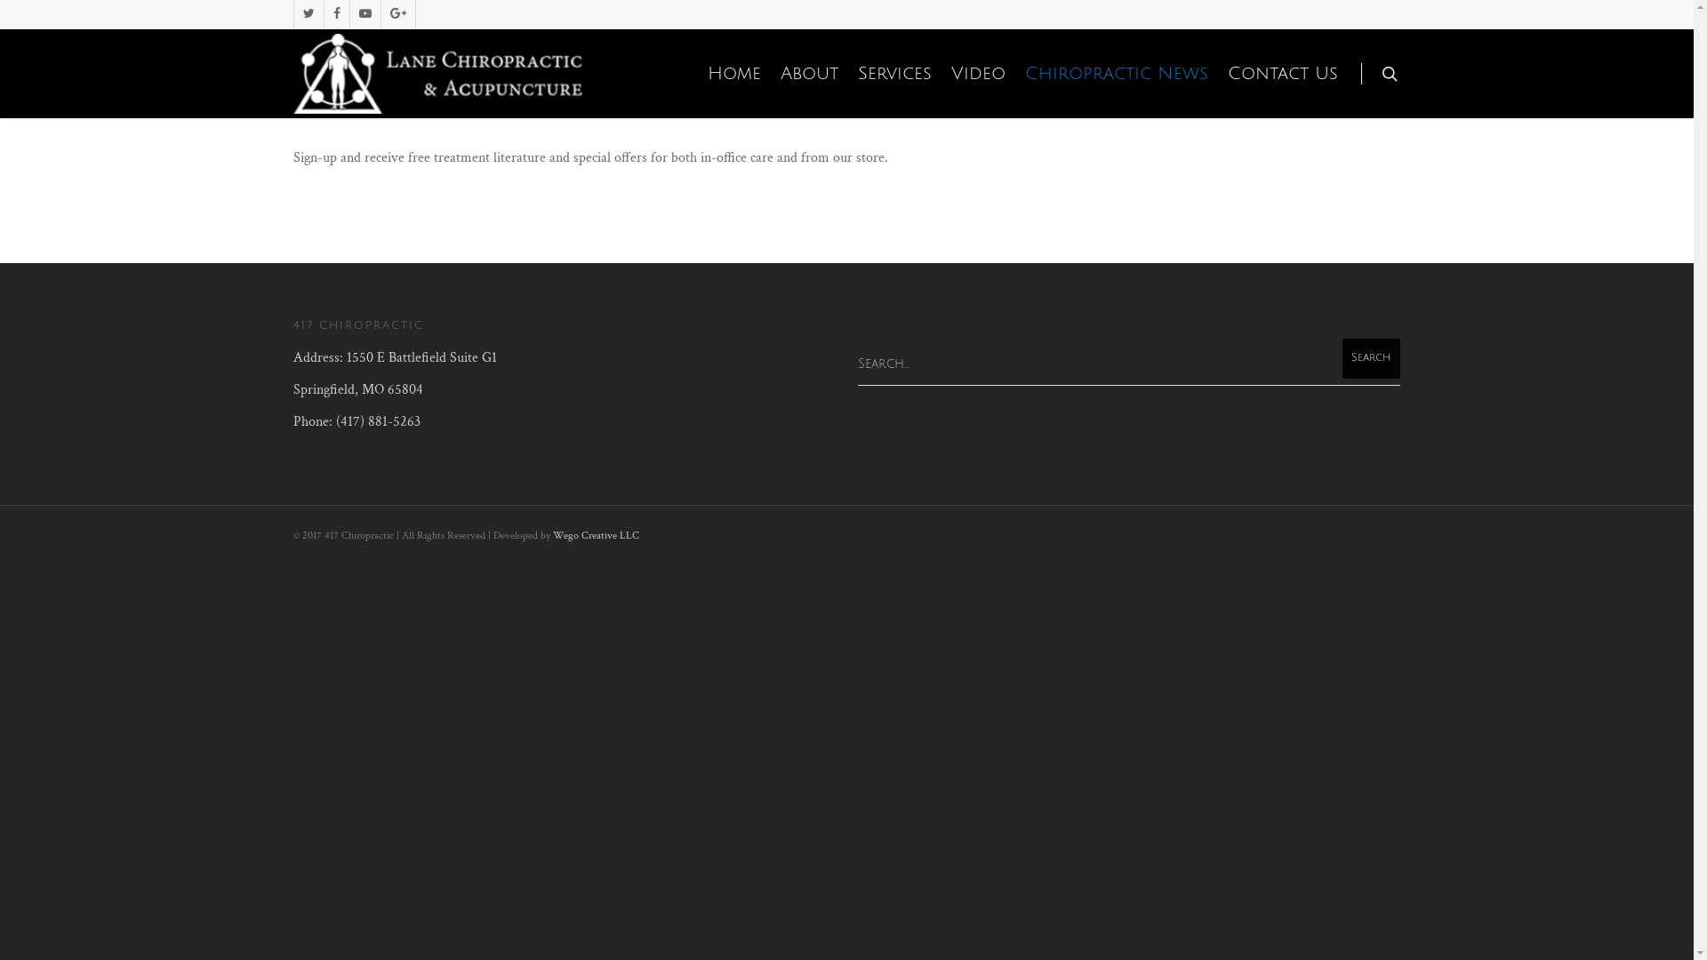 This screenshot has height=960, width=1707. What do you see at coordinates (1342, 358) in the screenshot?
I see `'Search'` at bounding box center [1342, 358].